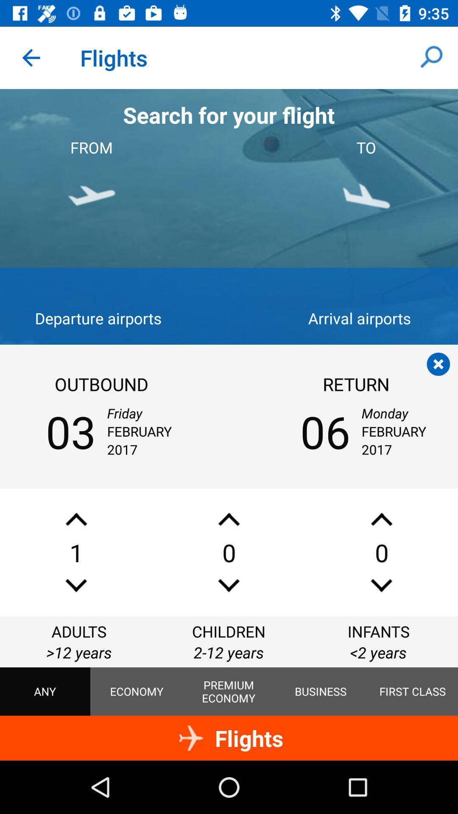  Describe the element at coordinates (76, 585) in the screenshot. I see `expand` at that location.